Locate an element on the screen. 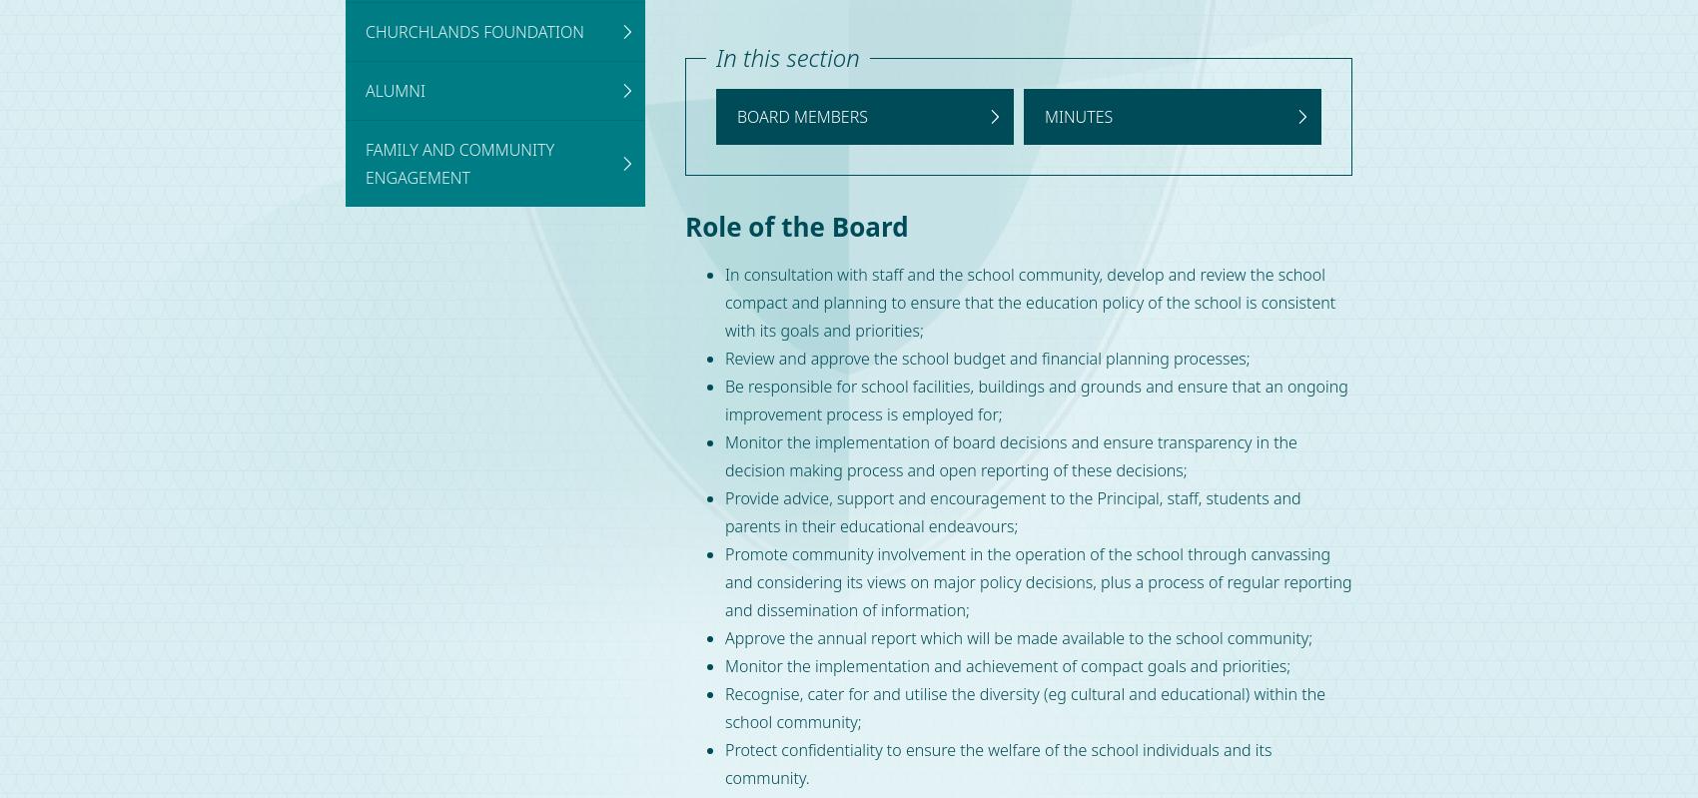 The height and width of the screenshot is (798, 1698). 'Be responsible for school facilities, buildings and grounds and ensure that an ongoing improvement process is employed for;' is located at coordinates (1035, 399).